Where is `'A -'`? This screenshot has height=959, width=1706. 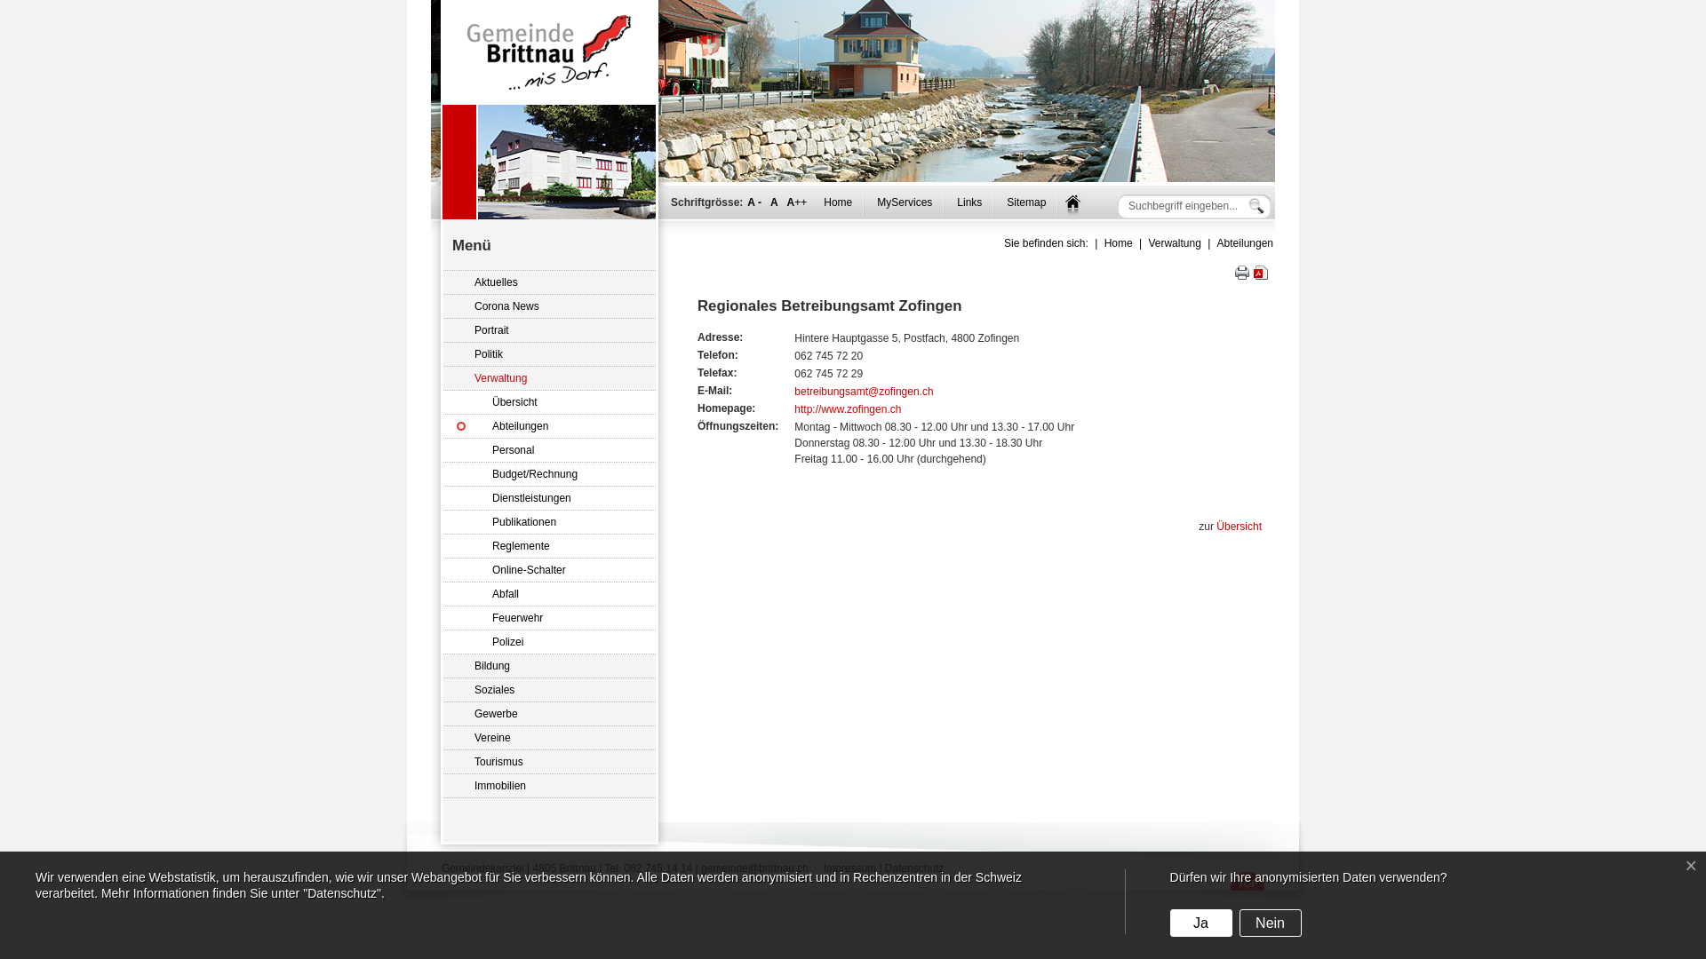
'A -' is located at coordinates (754, 201).